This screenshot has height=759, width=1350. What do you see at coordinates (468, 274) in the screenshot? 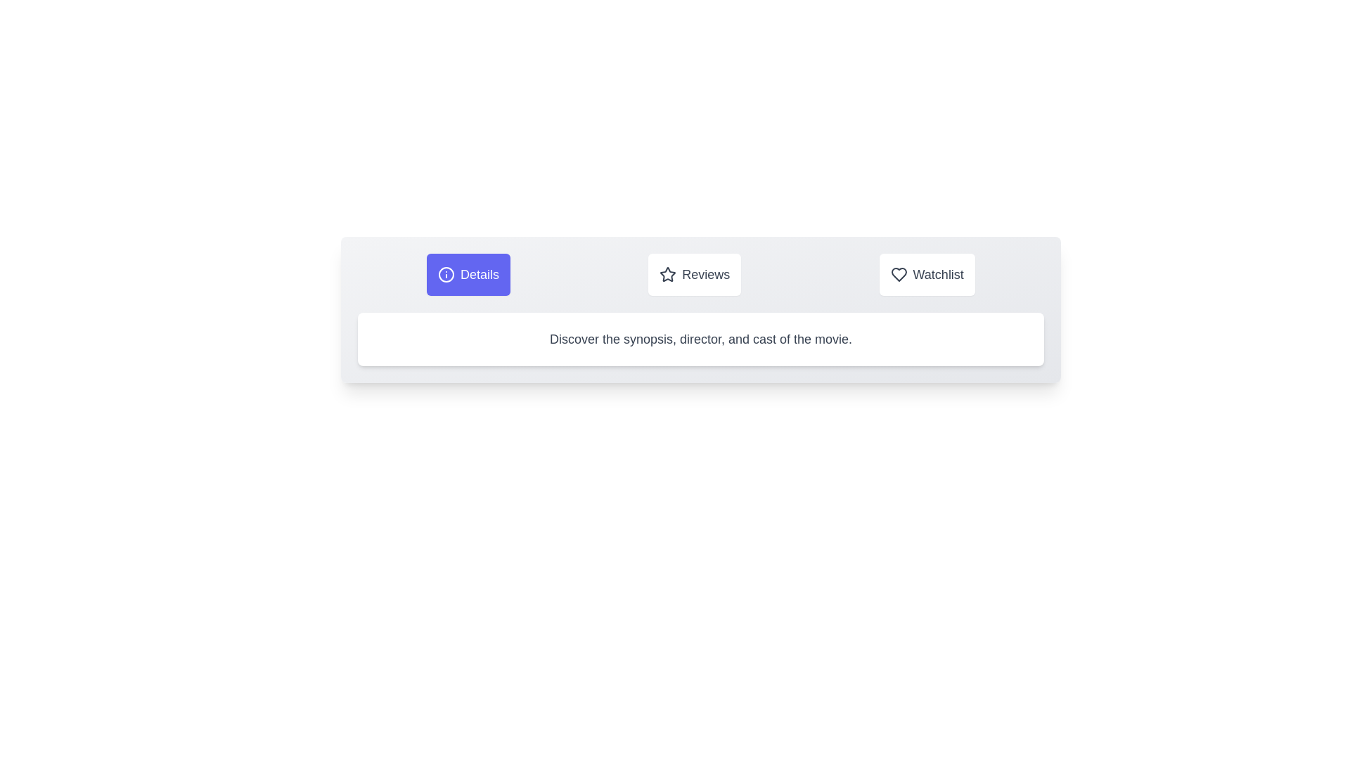
I see `the Details tab by clicking on its button` at bounding box center [468, 274].